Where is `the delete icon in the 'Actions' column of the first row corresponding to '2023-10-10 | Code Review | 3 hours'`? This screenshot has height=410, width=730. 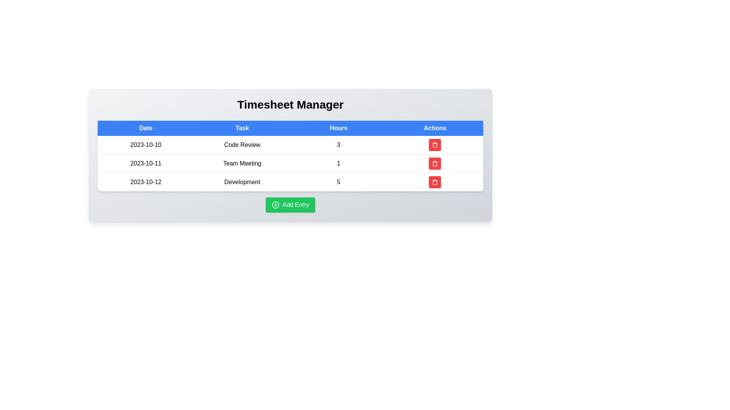
the delete icon in the 'Actions' column of the first row corresponding to '2023-10-10 | Code Review | 3 hours' is located at coordinates (435, 145).